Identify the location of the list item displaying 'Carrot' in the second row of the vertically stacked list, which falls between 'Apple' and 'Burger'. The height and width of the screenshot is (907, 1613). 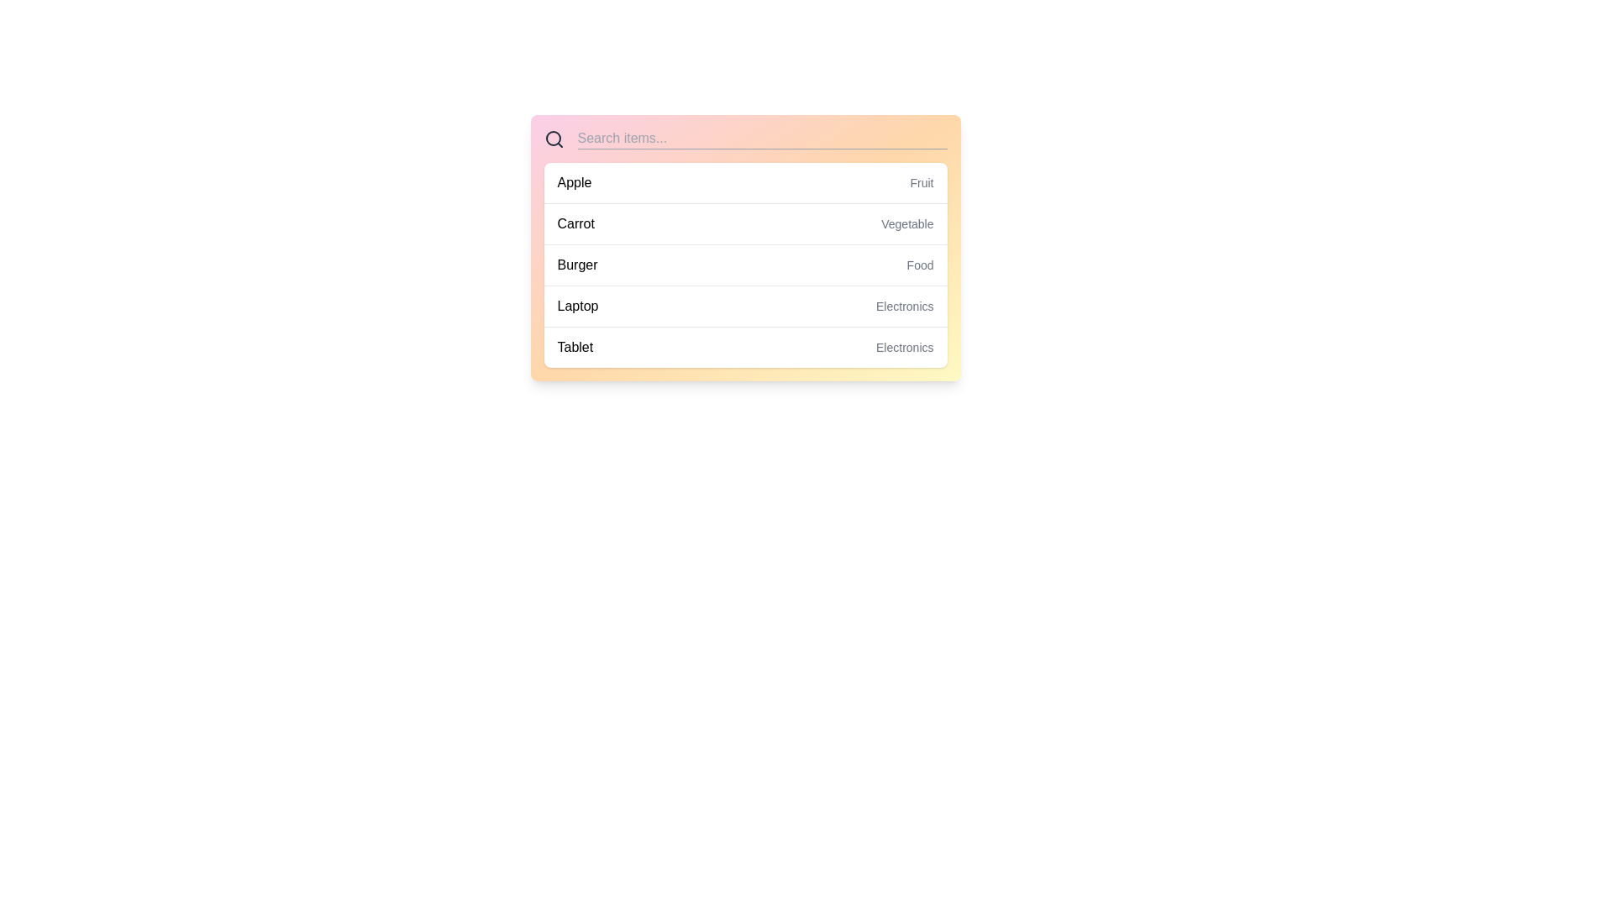
(744, 223).